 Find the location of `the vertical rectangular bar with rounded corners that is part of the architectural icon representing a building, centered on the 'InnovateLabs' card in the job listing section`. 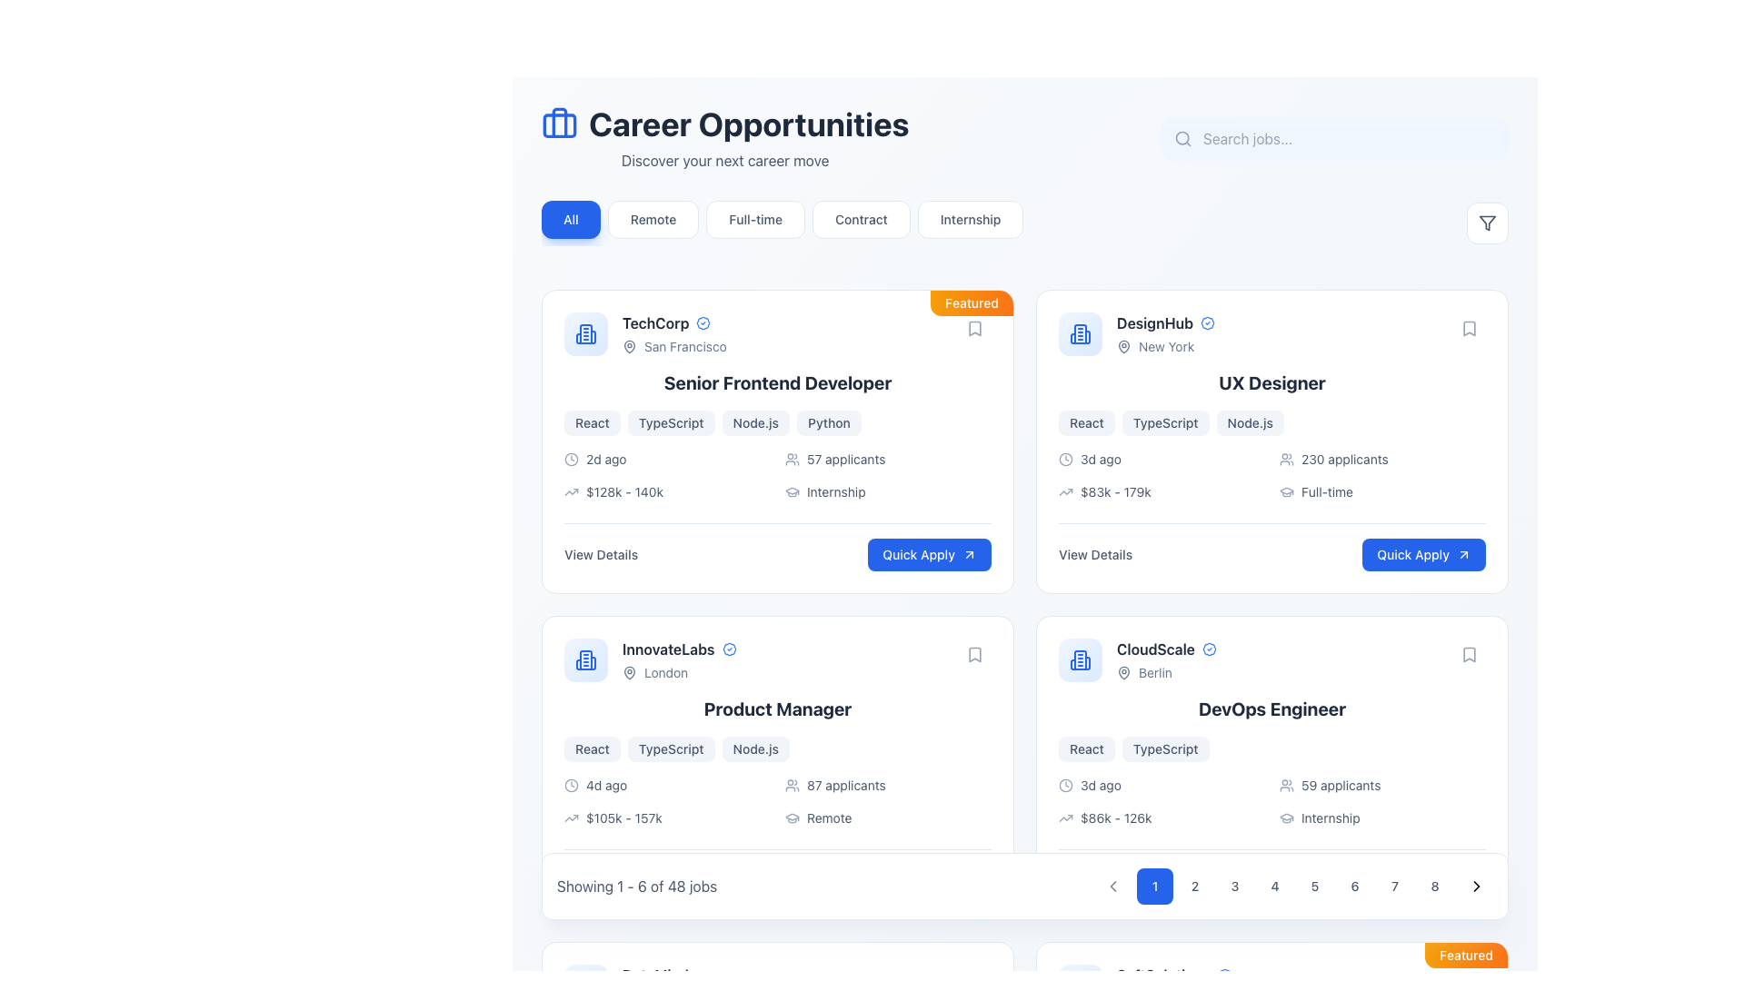

the vertical rectangular bar with rounded corners that is part of the architectural icon representing a building, centered on the 'InnovateLabs' card in the job listing section is located at coordinates (585, 659).